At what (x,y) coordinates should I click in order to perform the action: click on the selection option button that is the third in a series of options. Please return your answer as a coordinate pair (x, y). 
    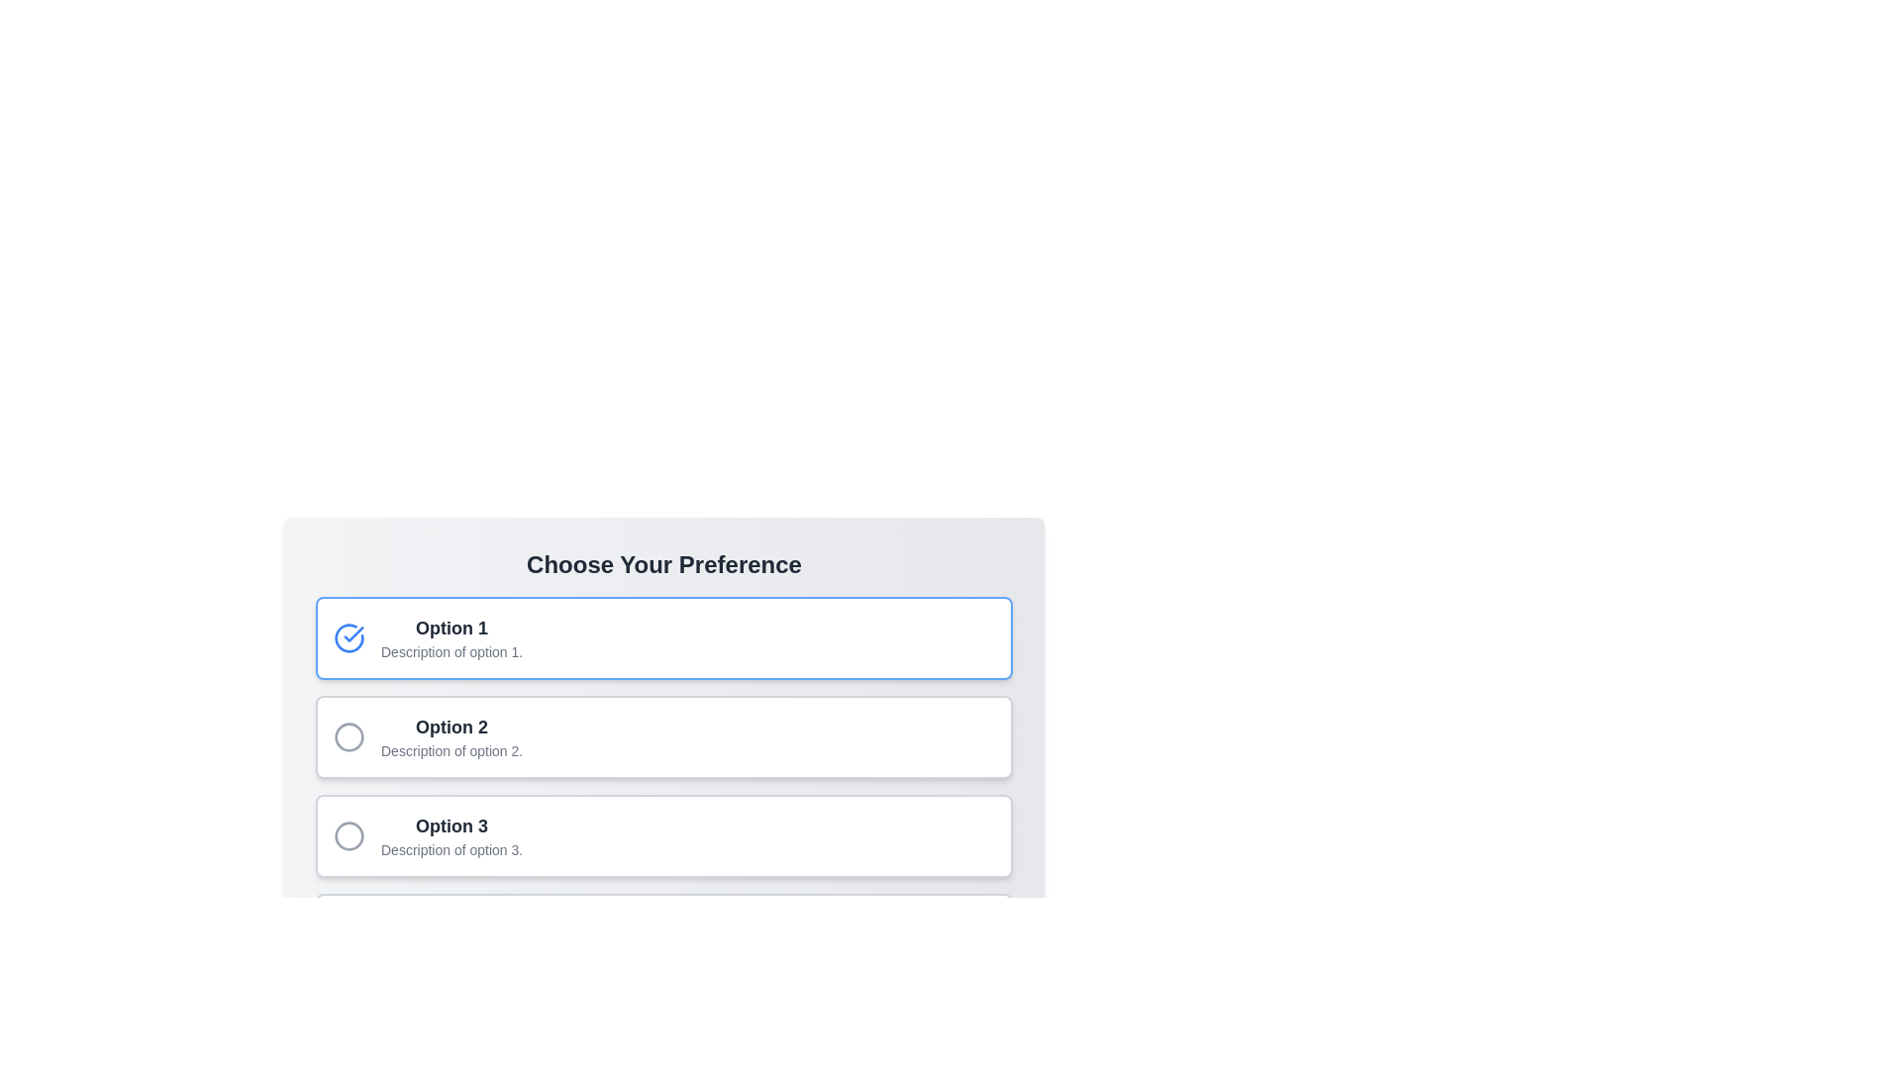
    Looking at the image, I should click on (450, 835).